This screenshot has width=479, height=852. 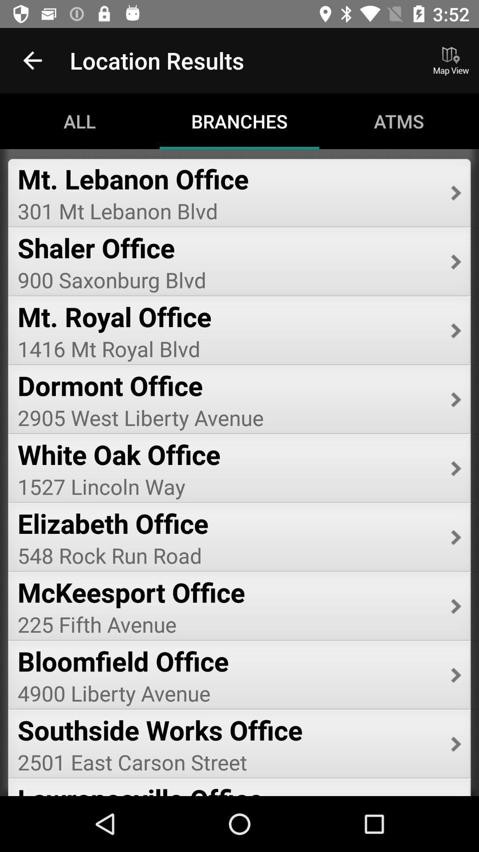 I want to click on icon below the 225 fifth avenue item, so click(x=228, y=661).